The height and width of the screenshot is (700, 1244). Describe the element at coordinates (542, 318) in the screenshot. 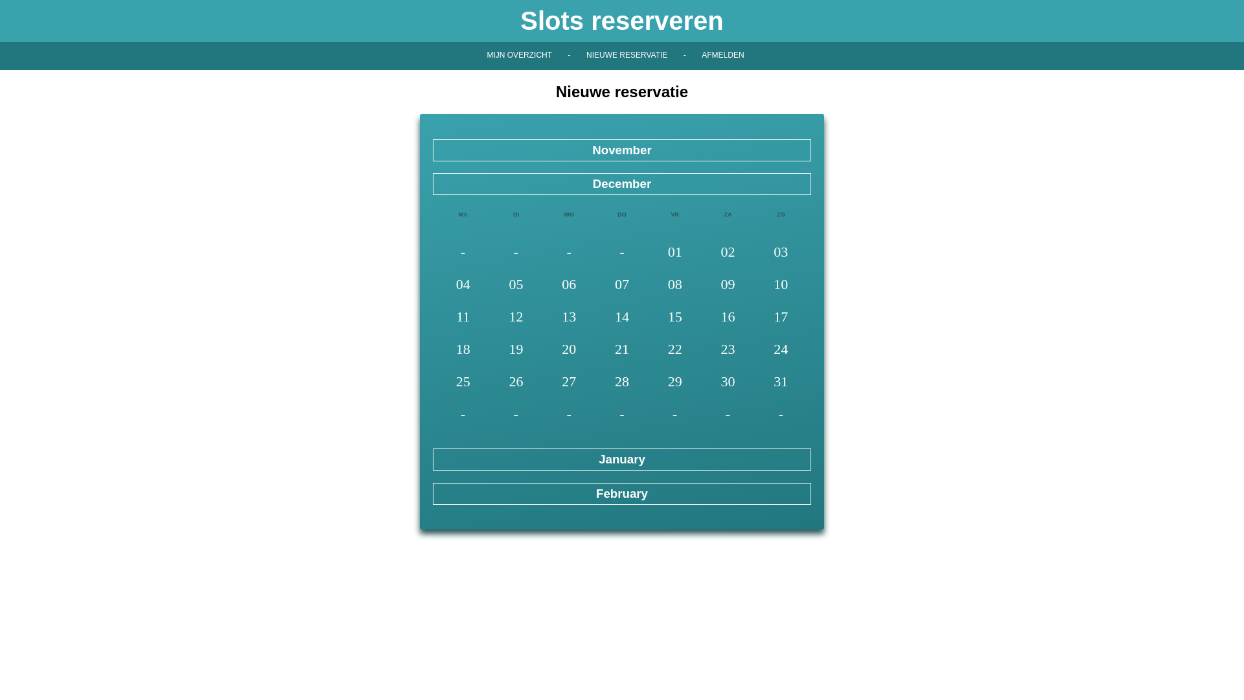

I see `'13'` at that location.